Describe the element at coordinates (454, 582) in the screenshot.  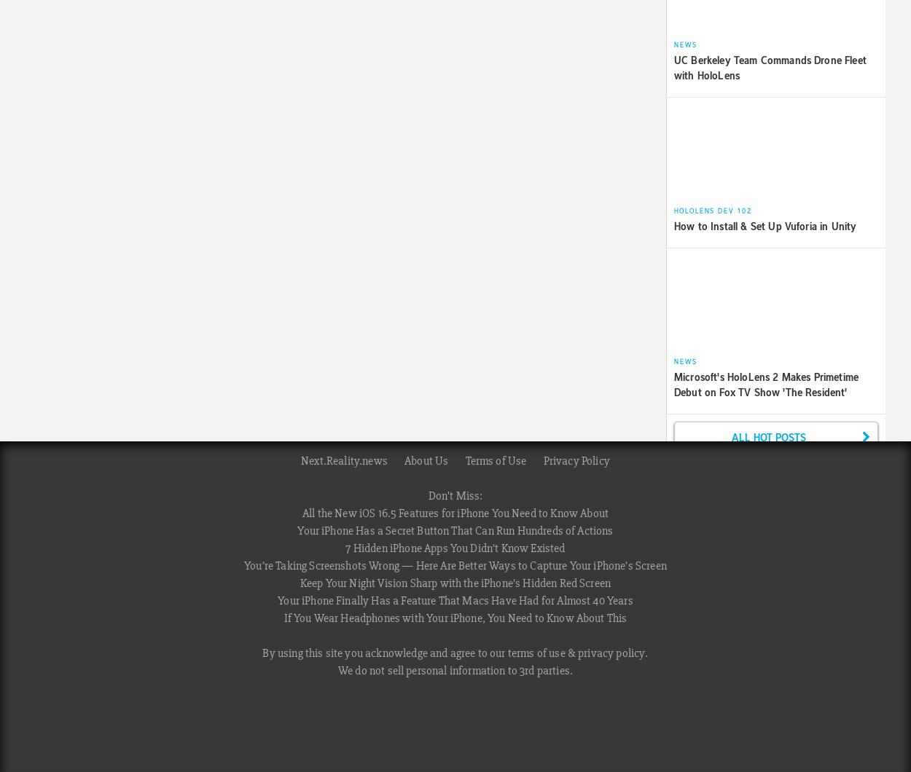
I see `'Keep Your Night Vision Sharp with the iPhone’s Hidden Red Screen'` at that location.